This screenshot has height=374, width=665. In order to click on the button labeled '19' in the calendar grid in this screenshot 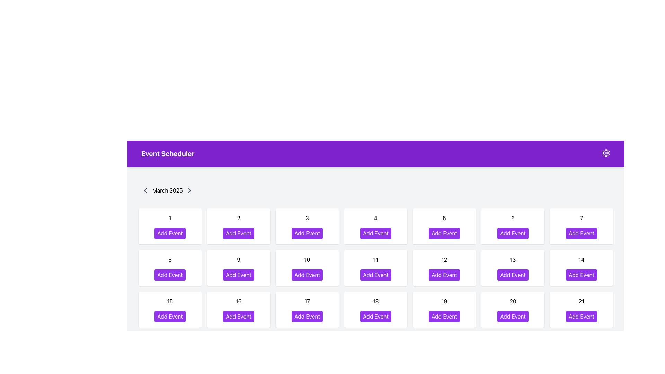, I will do `click(444, 317)`.